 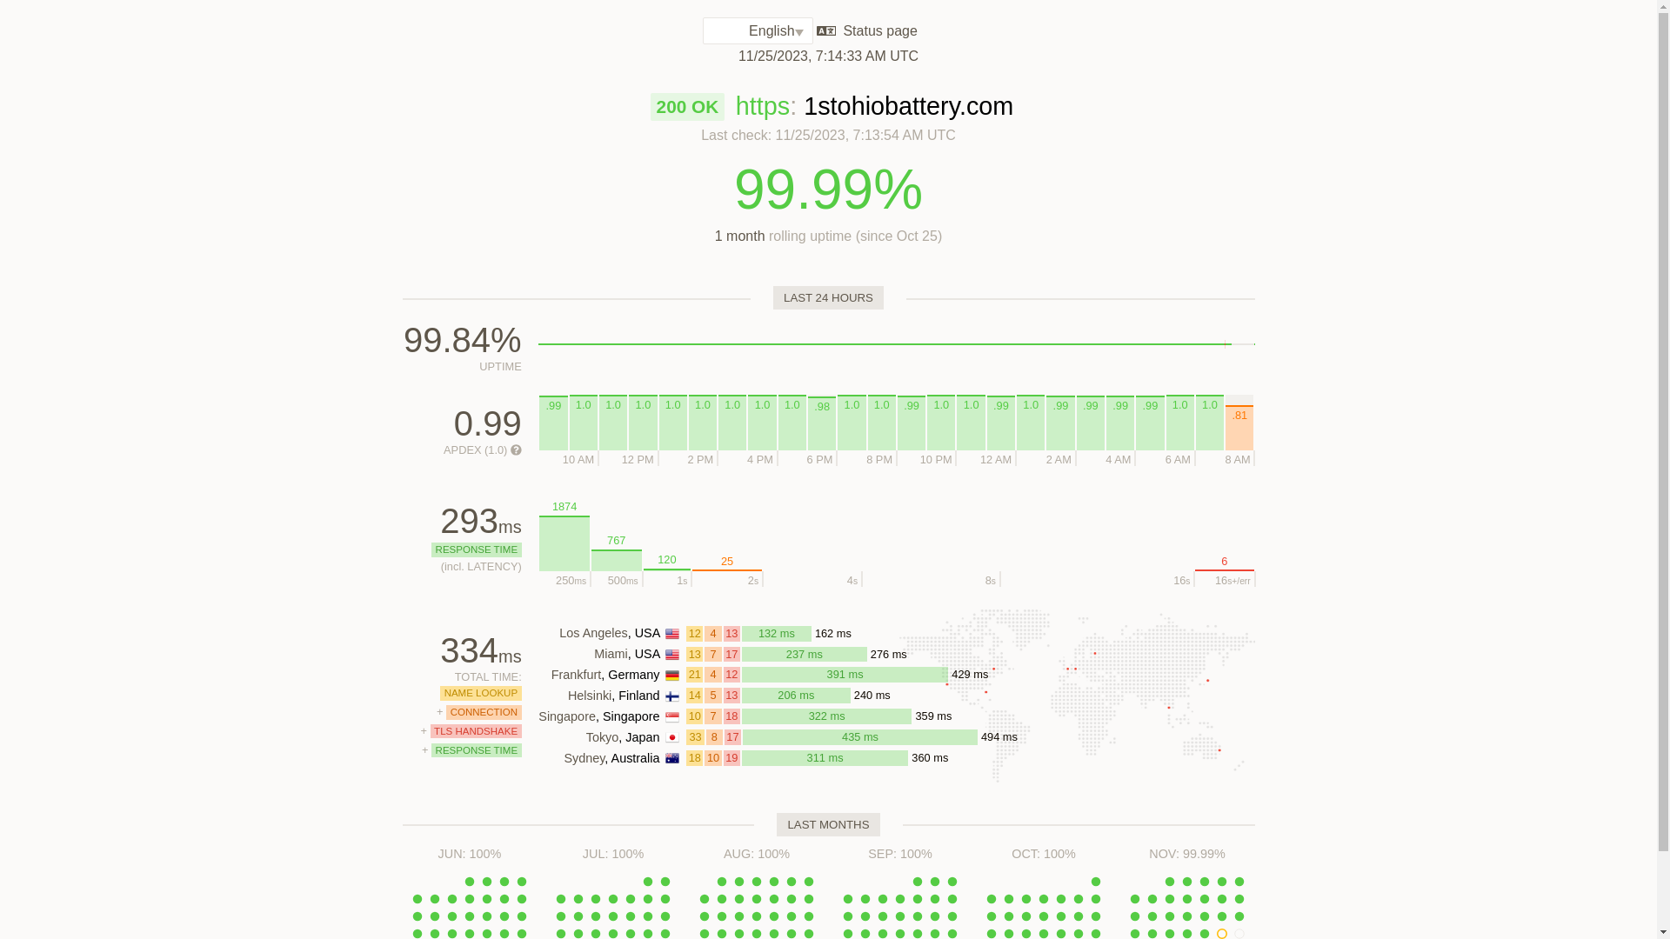 What do you see at coordinates (613, 898) in the screenshot?
I see `'<small>Jul 06:</small> No downtime'` at bounding box center [613, 898].